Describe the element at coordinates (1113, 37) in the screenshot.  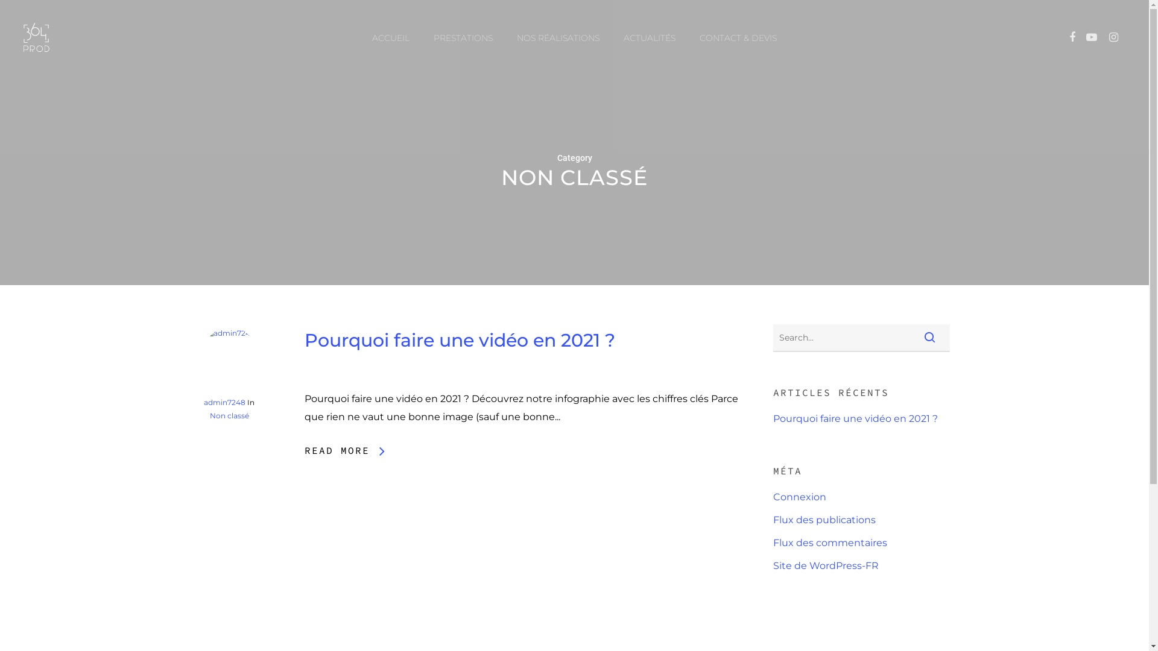
I see `'INSTAGRAM'` at that location.